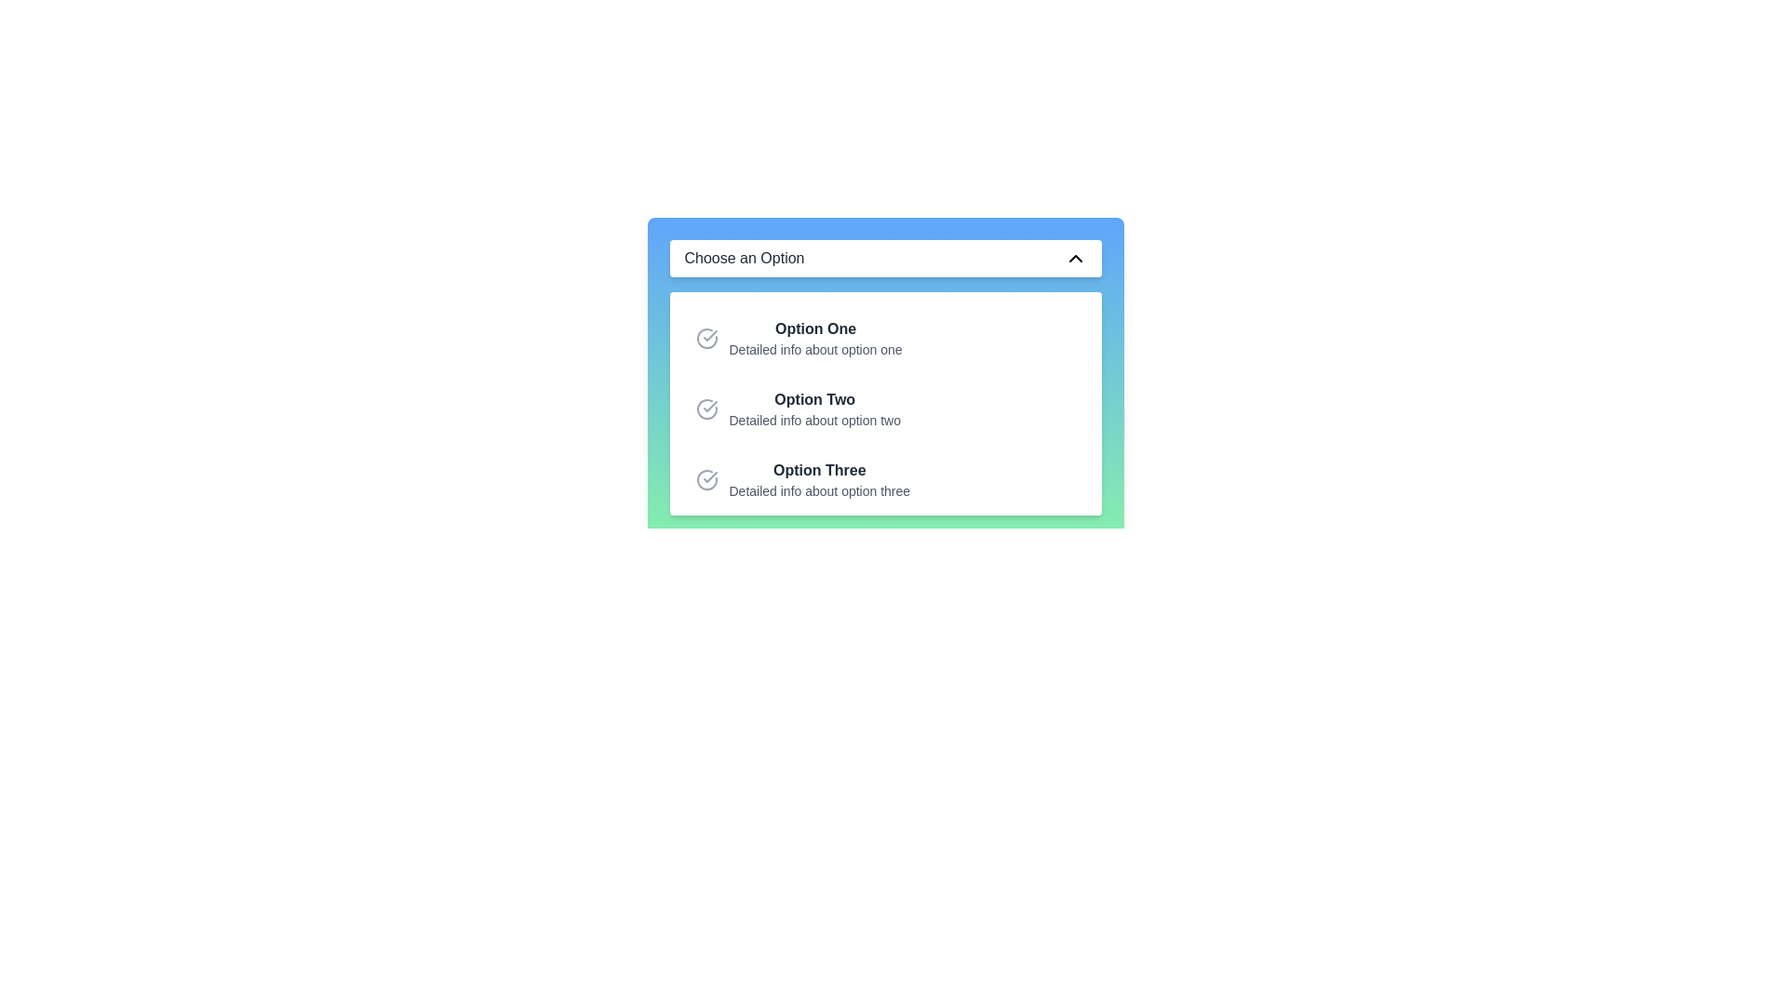  Describe the element at coordinates (884, 338) in the screenshot. I see `to select 'Option One' from the dropdown menu located beneath the header 'Choose an Option'` at that location.